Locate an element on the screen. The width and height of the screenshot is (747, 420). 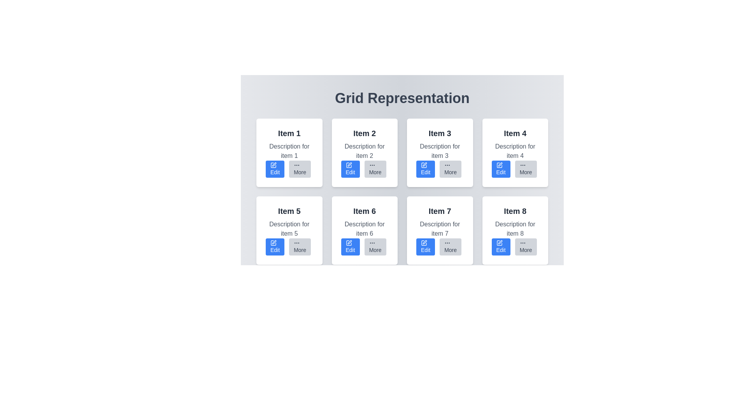
the graphical SVG element located in the top-left corner of the grid item labeled 'Item 1', positioned before the text 'Edit' is located at coordinates (273, 164).